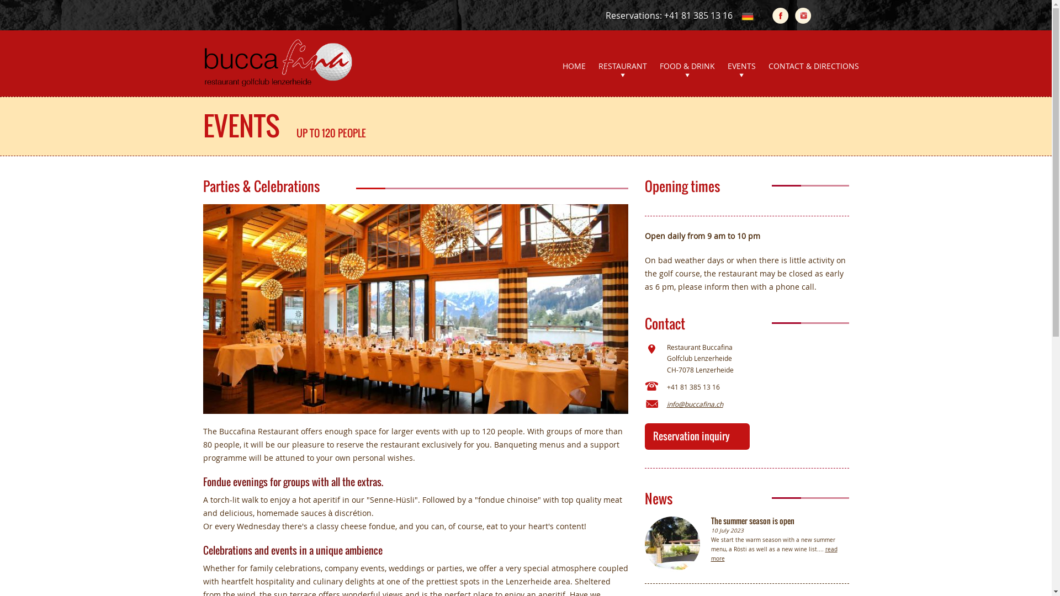 The image size is (1060, 596). Describe the element at coordinates (651, 353) in the screenshot. I see `'Address'` at that location.